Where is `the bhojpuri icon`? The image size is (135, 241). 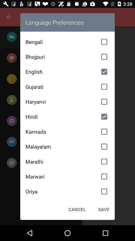
the bhojpuri icon is located at coordinates (67, 57).